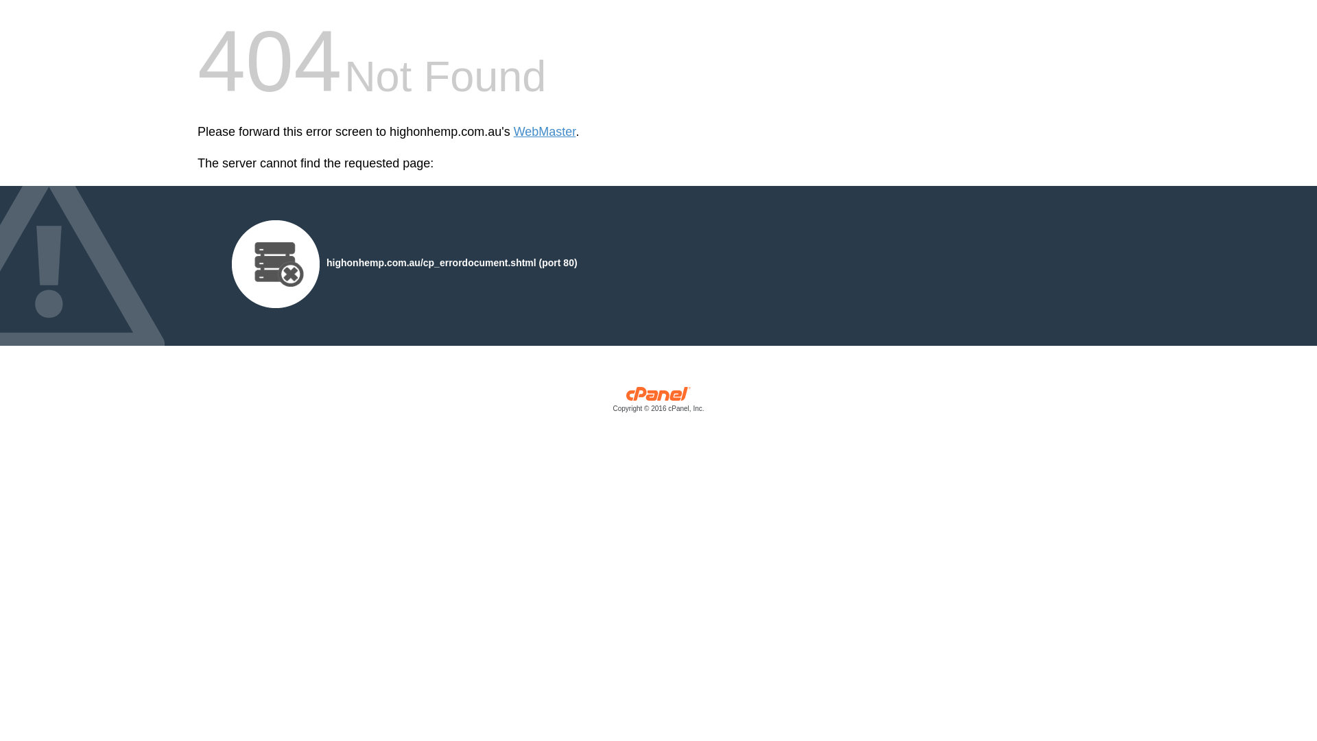 The width and height of the screenshot is (1317, 741). What do you see at coordinates (544, 132) in the screenshot?
I see `'WebMaster'` at bounding box center [544, 132].